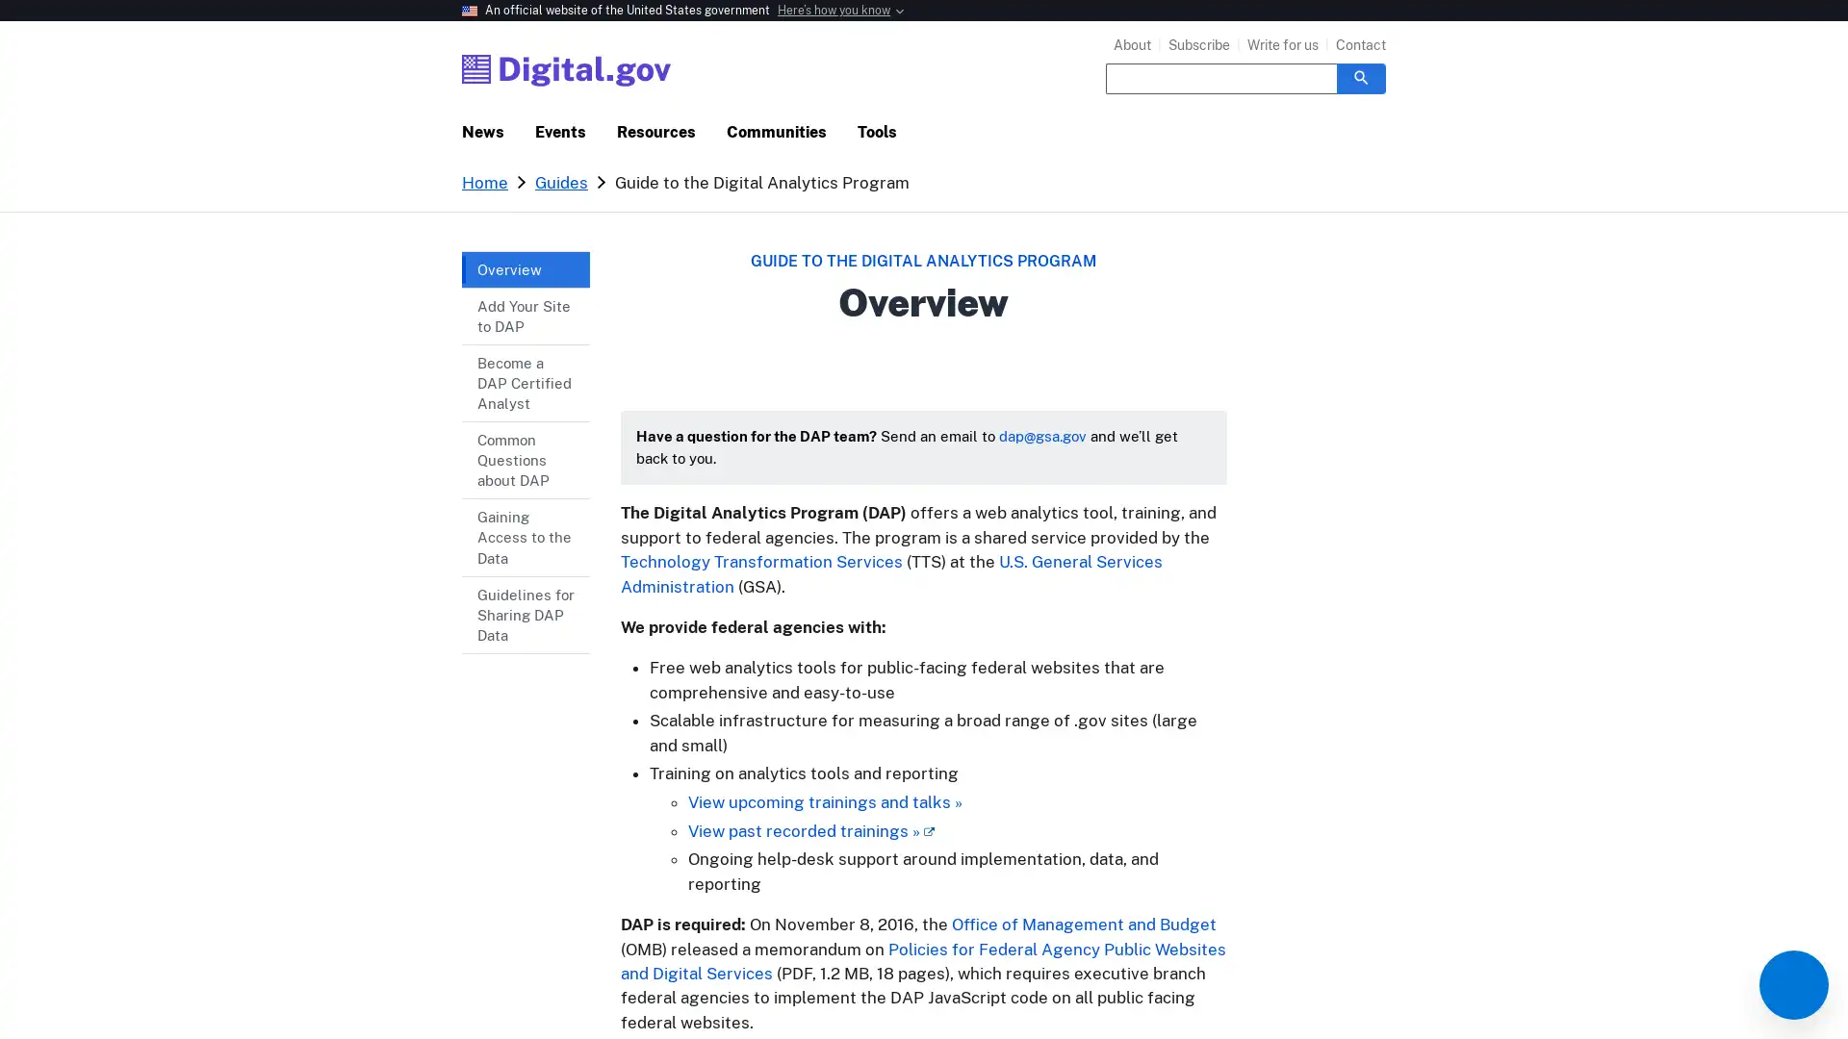  What do you see at coordinates (1792, 984) in the screenshot?
I see `edit` at bounding box center [1792, 984].